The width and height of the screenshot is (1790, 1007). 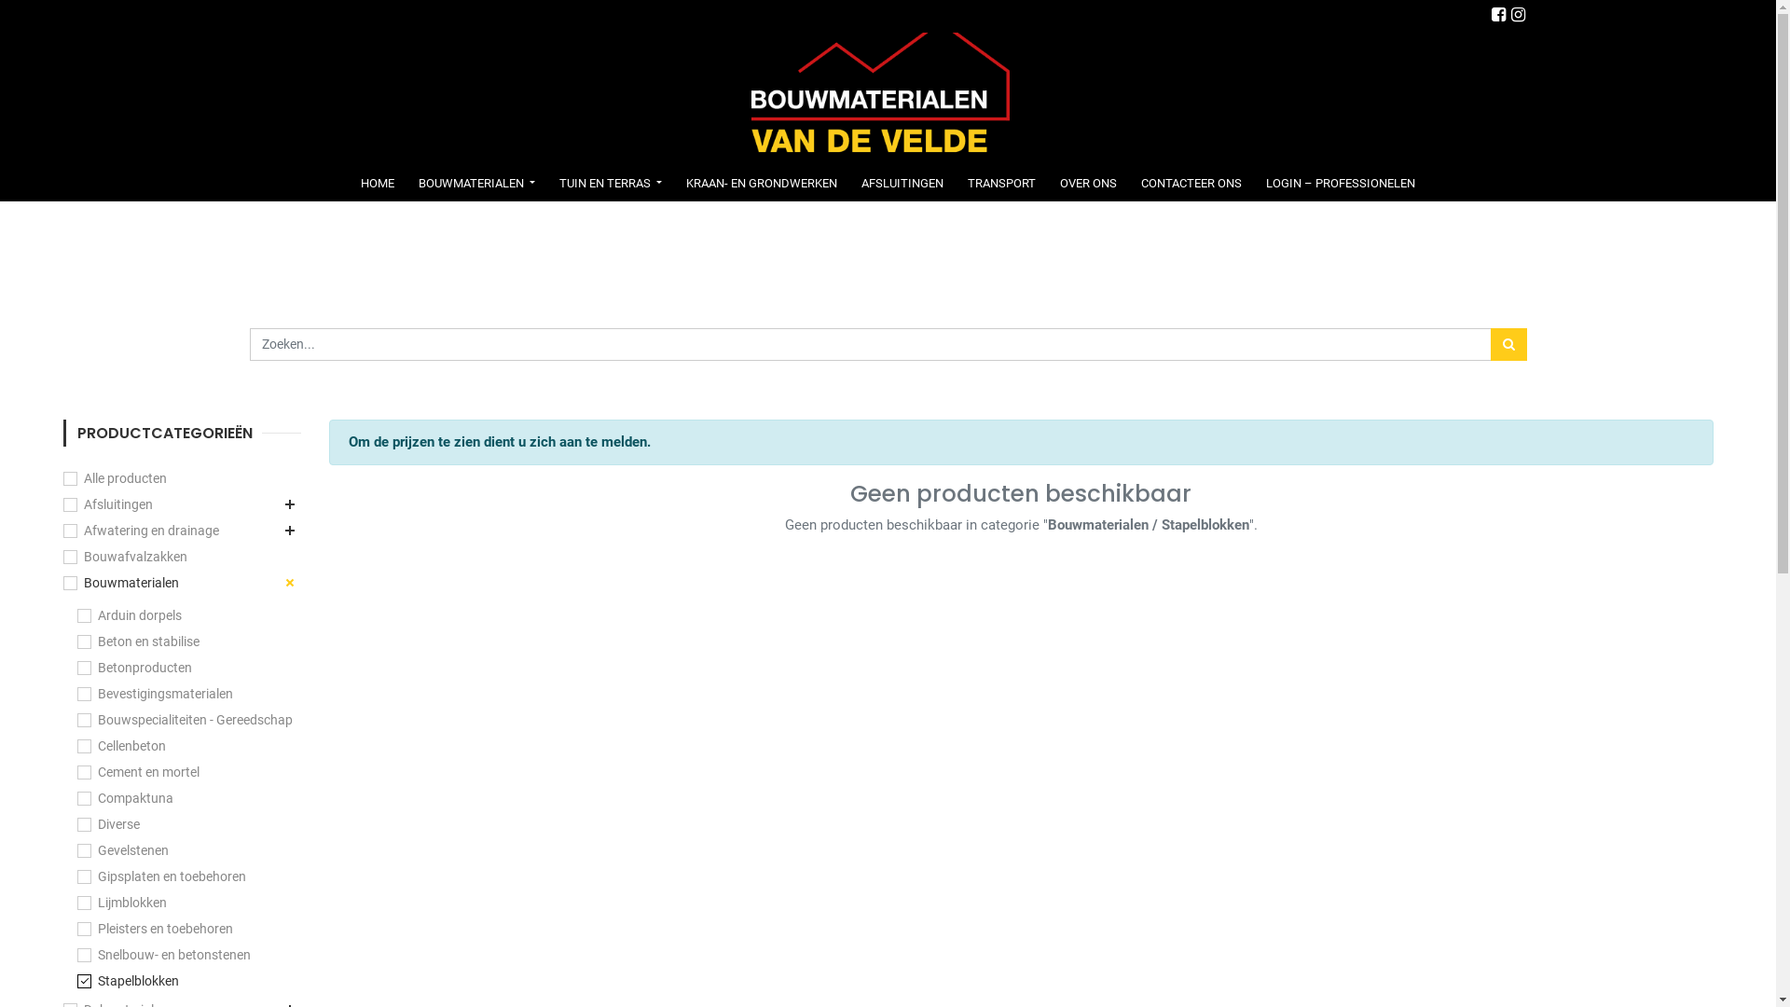 What do you see at coordinates (114, 477) in the screenshot?
I see `'Alle producten'` at bounding box center [114, 477].